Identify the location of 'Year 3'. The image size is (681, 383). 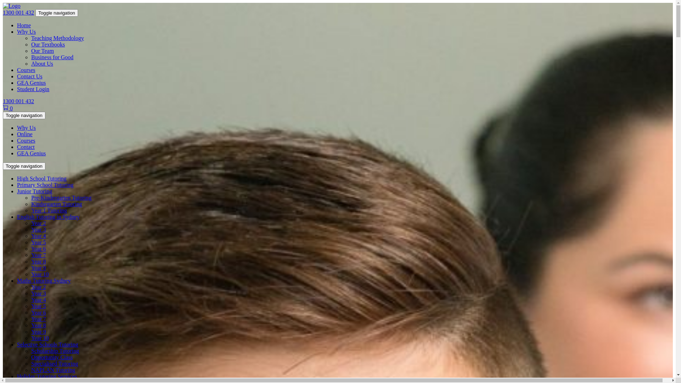
(38, 293).